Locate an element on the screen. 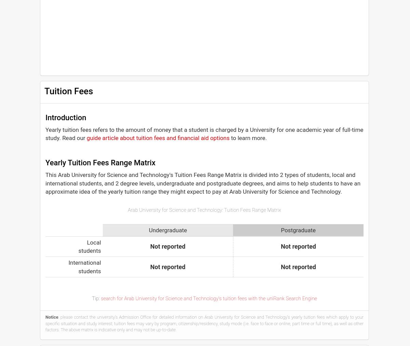  ': please contact the university's Admission Office for detailed information on Arab University for Science and Technology's yearly tuition fees which apply to your specific situation and study interest; tuition fees may vary by program, citizenship/residency, study mode (i.e. face to face or online, part time or full time), as well as other factors. The above matrix is indicative only and may not be up-to-date.' is located at coordinates (45, 323).